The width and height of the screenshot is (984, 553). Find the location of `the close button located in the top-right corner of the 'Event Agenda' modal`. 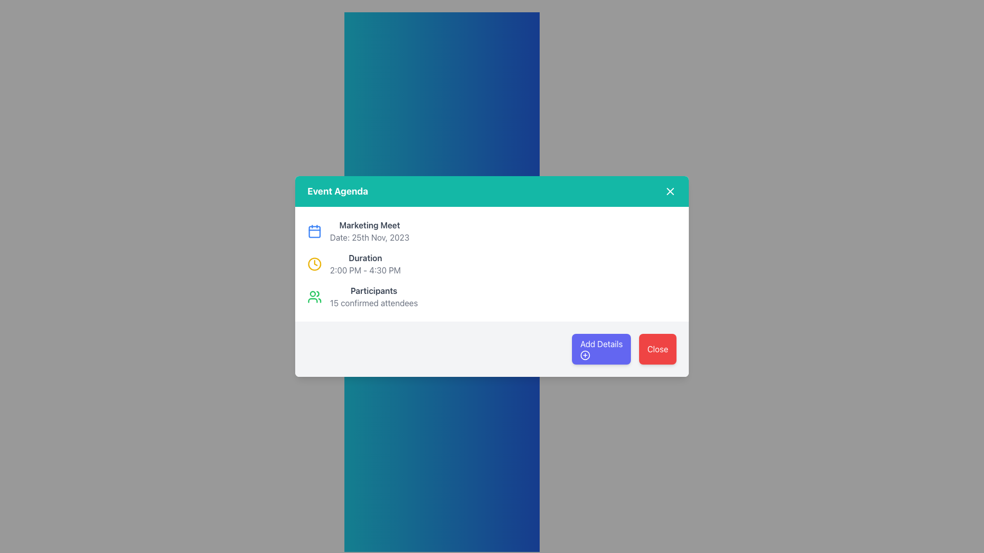

the close button located in the top-right corner of the 'Event Agenda' modal is located at coordinates (670, 192).